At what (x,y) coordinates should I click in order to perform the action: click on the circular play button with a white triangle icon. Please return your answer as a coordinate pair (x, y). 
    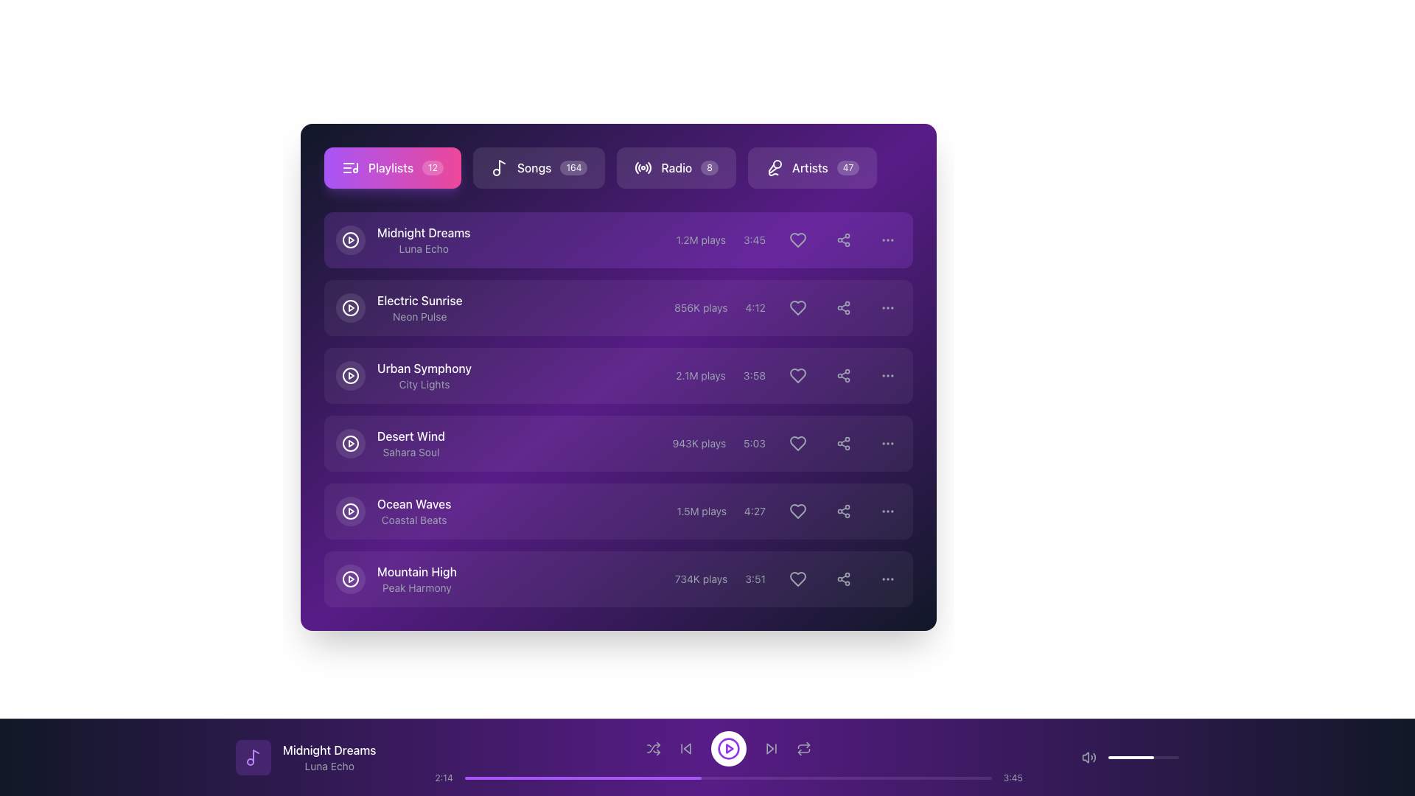
    Looking at the image, I should click on (349, 511).